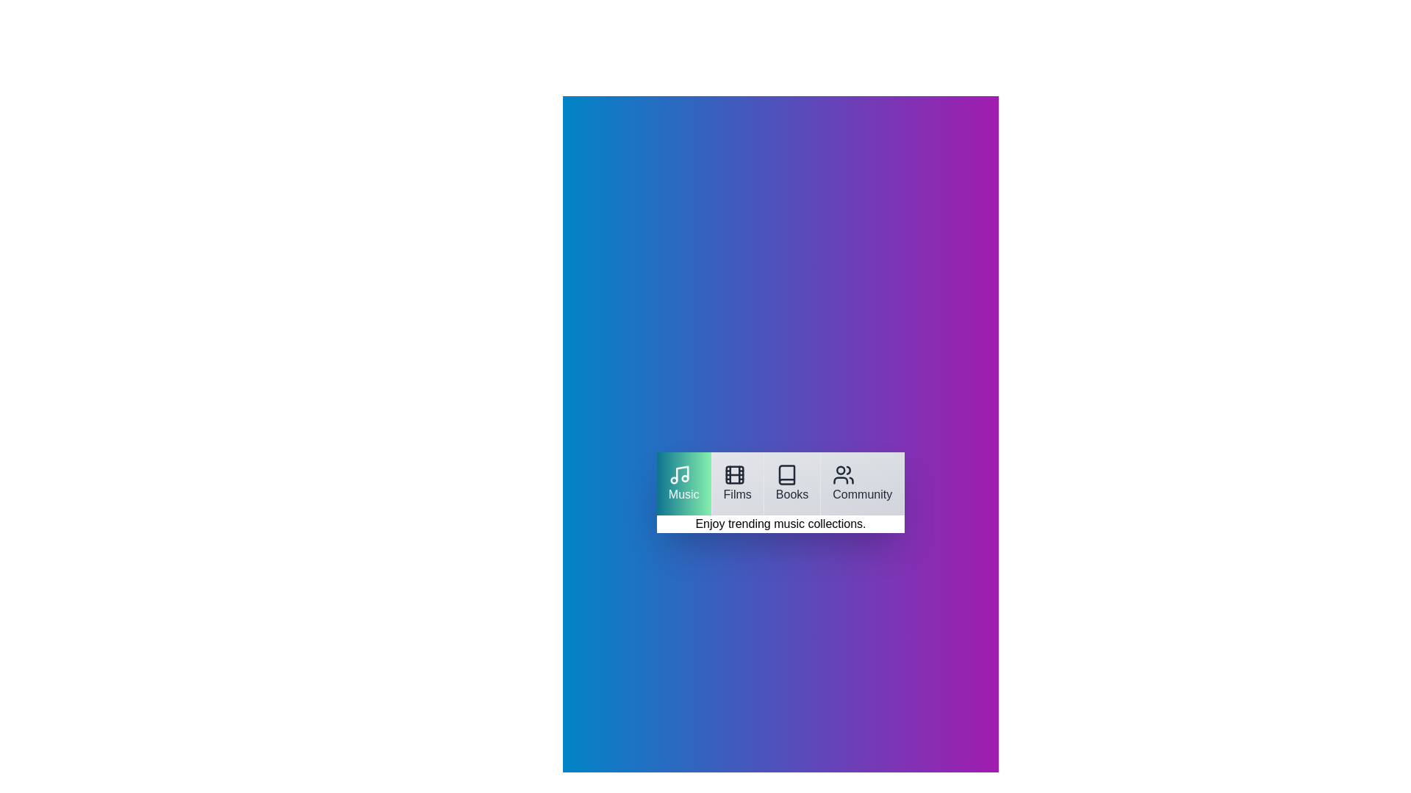 The width and height of the screenshot is (1411, 793). Describe the element at coordinates (678, 475) in the screenshot. I see `the music note icon in the navigation menu for accessibility purposes` at that location.